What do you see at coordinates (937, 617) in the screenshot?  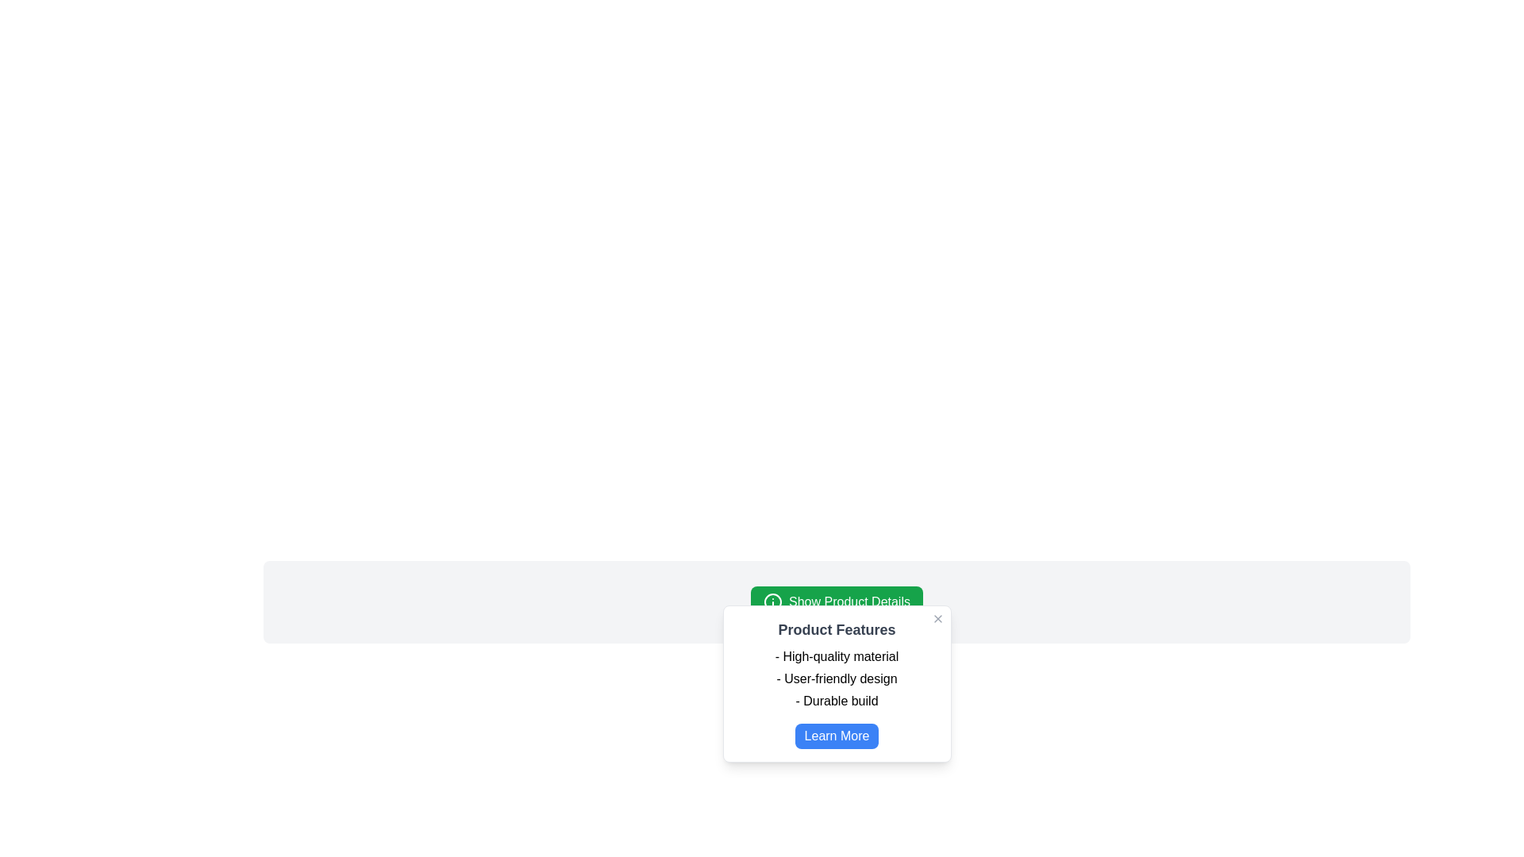 I see `the close button located in the top-right corner of the product features box to change its color` at bounding box center [937, 617].